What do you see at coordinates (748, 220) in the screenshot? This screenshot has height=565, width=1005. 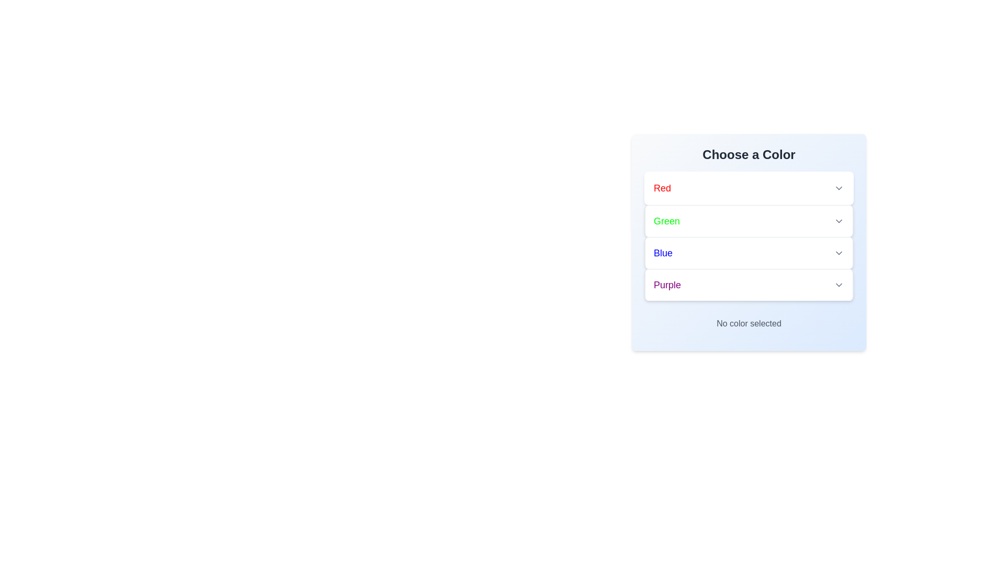 I see `the color item Green to observe the hover effect` at bounding box center [748, 220].